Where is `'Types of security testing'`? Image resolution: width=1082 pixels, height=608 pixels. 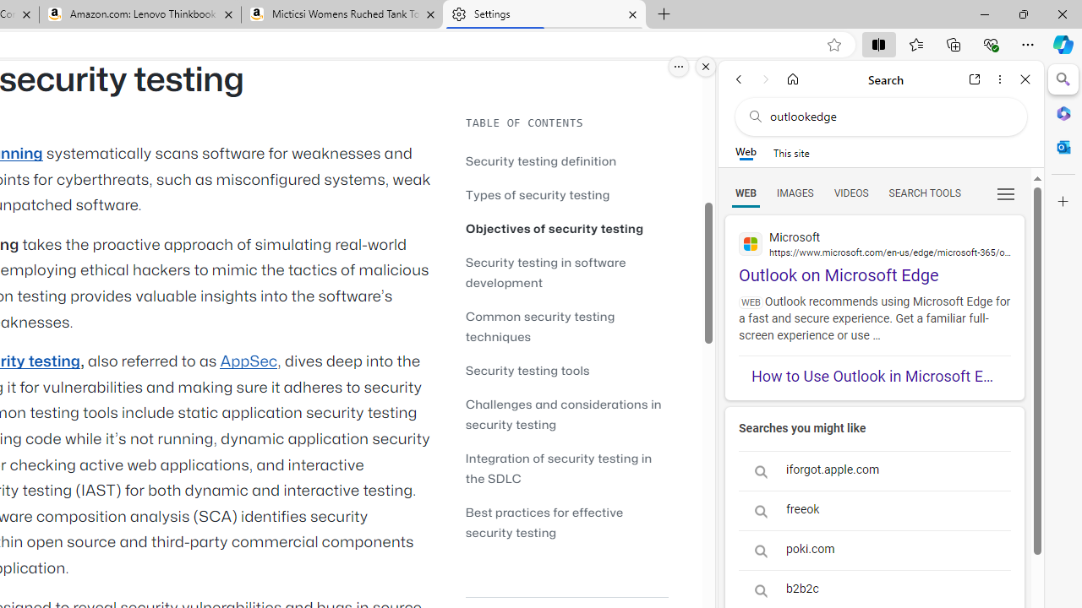
'Types of security testing' is located at coordinates (537, 193).